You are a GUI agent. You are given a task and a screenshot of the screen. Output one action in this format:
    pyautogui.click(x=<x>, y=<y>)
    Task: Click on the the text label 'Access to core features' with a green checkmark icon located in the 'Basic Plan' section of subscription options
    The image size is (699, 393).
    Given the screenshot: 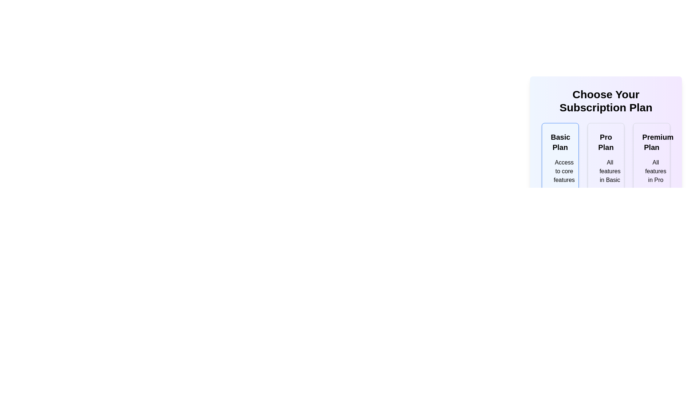 What is the action you would take?
    pyautogui.click(x=560, y=171)
    